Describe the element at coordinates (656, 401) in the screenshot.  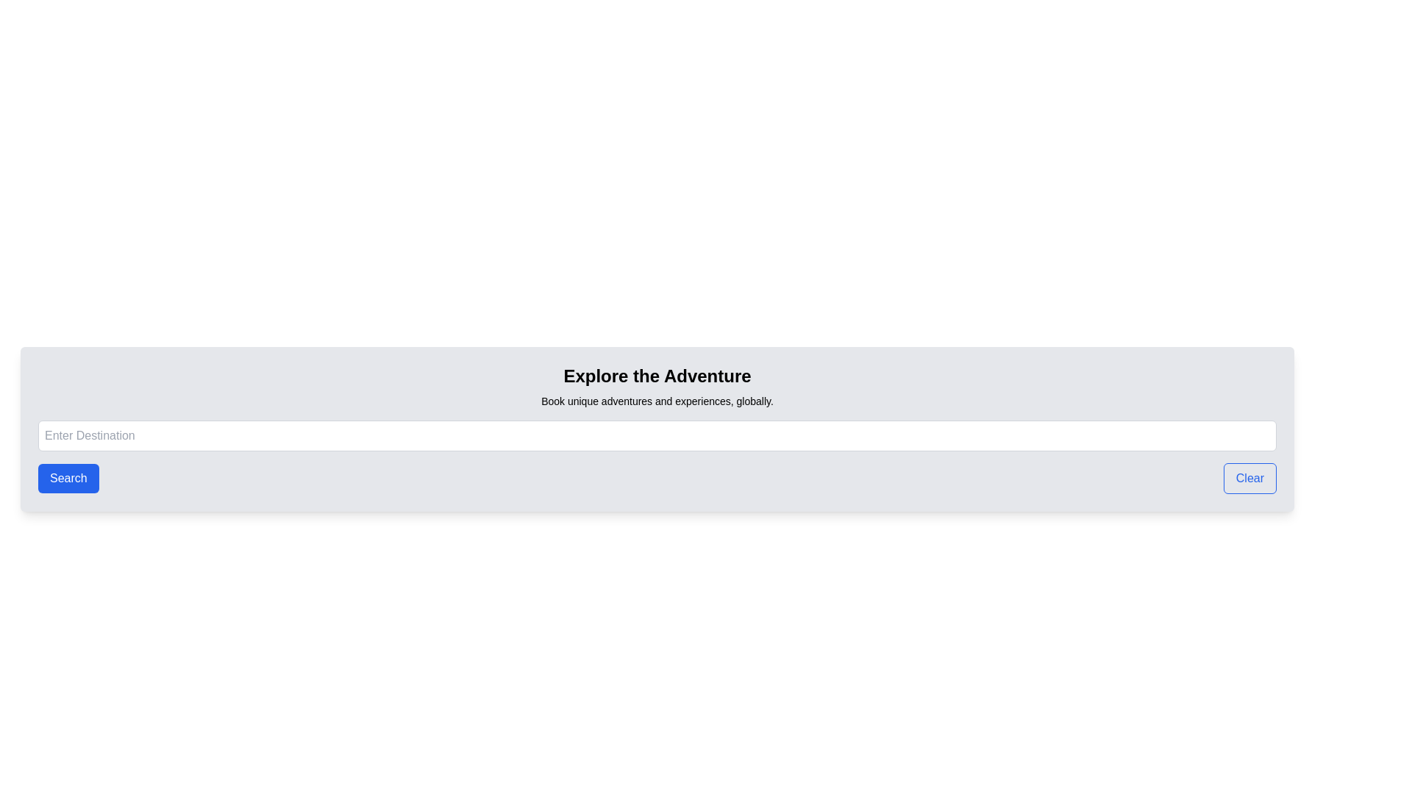
I see `the descriptive text element located beneath the title 'Explore the Adventure', which provides additional context about the application` at that location.